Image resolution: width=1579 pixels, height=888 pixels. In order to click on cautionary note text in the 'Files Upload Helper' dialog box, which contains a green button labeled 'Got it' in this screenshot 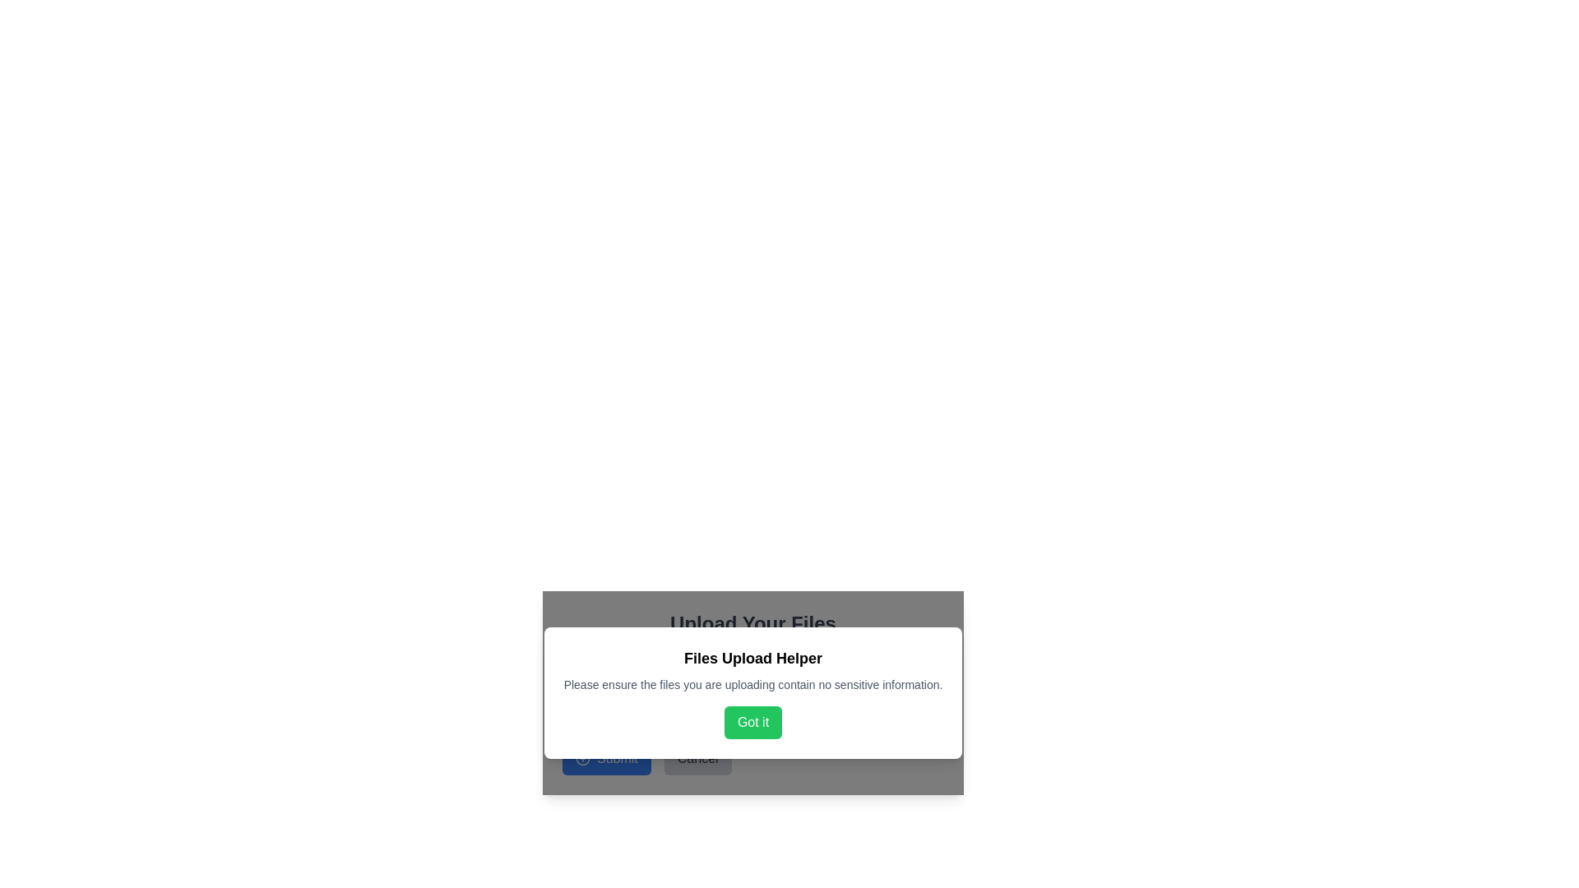, I will do `click(752, 693)`.